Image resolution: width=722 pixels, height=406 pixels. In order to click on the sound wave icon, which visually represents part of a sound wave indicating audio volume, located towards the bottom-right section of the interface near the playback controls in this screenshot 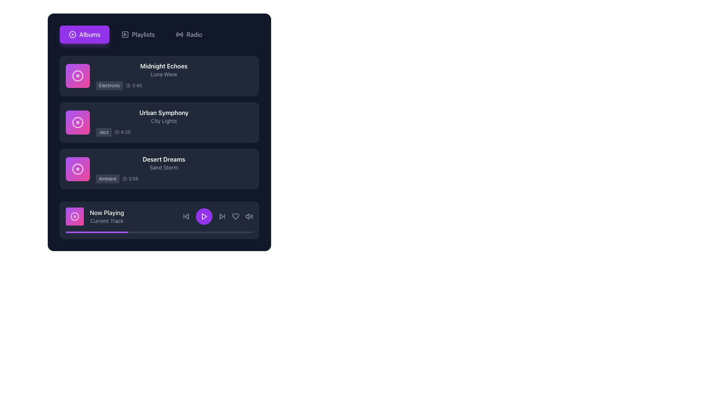, I will do `click(252, 216)`.